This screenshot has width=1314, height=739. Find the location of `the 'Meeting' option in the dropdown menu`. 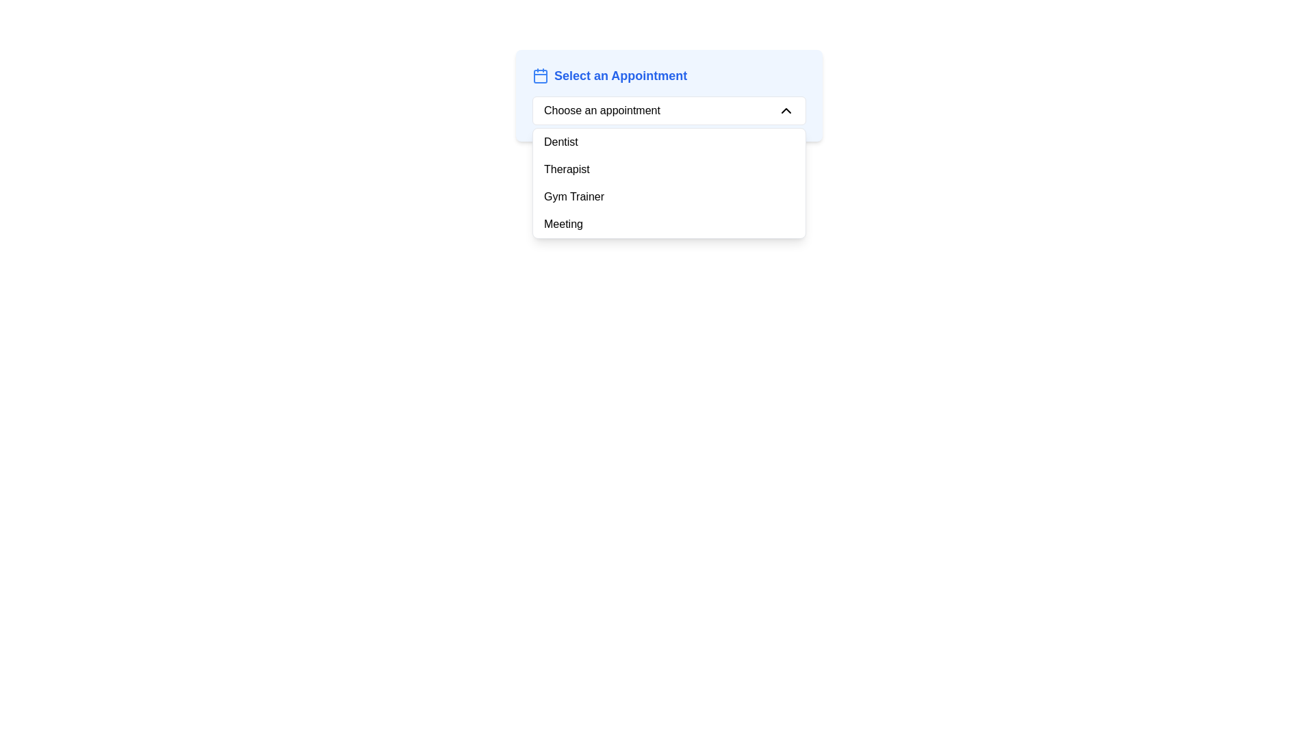

the 'Meeting' option in the dropdown menu is located at coordinates (669, 223).